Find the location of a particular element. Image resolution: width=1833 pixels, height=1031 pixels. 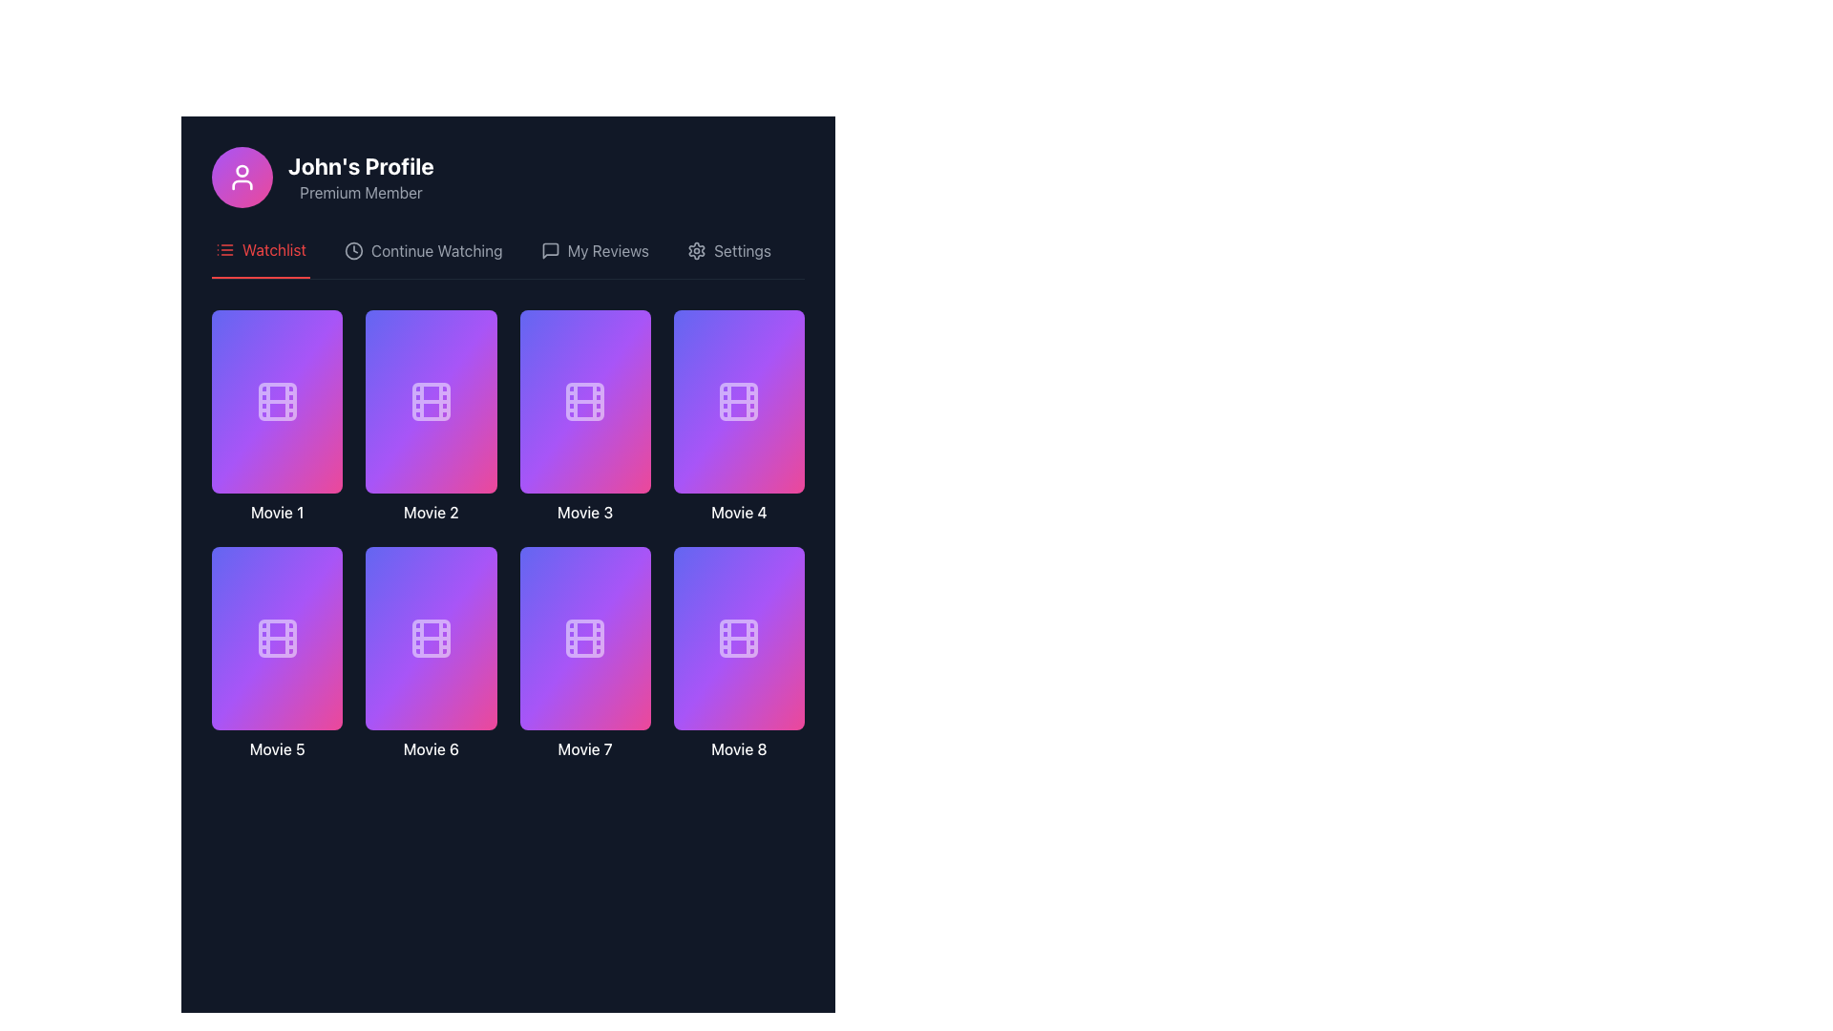

the film reel icon located in the third column of the first row of the movie grid, labeled 'Movie 3' is located at coordinates (584, 400).